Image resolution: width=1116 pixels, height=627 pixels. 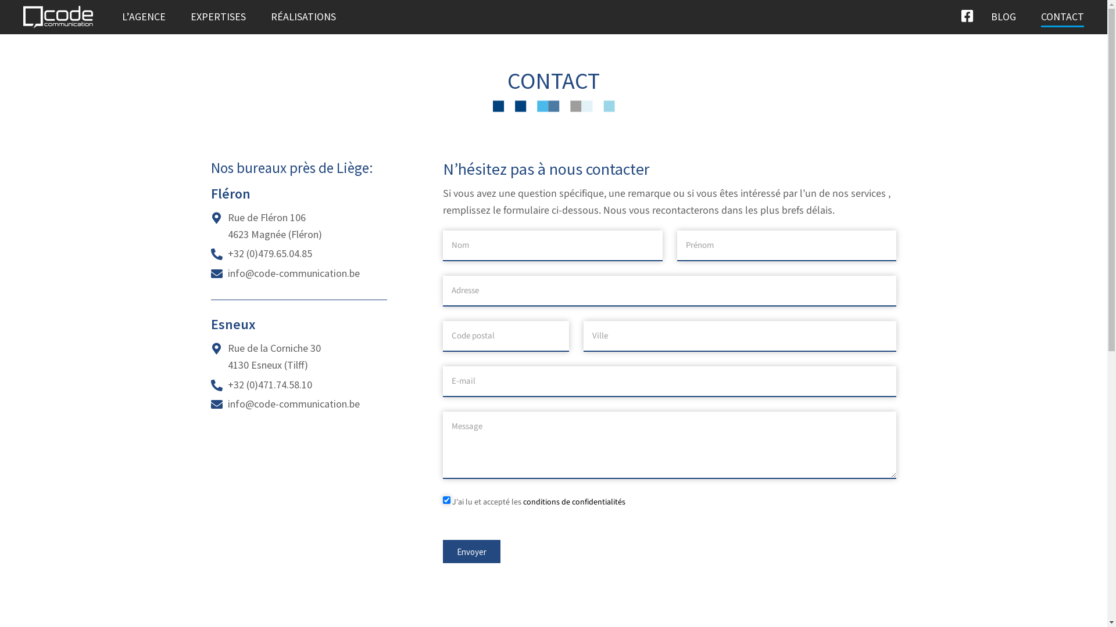 I want to click on '+32 (0)479.65.04.85', so click(x=269, y=253).